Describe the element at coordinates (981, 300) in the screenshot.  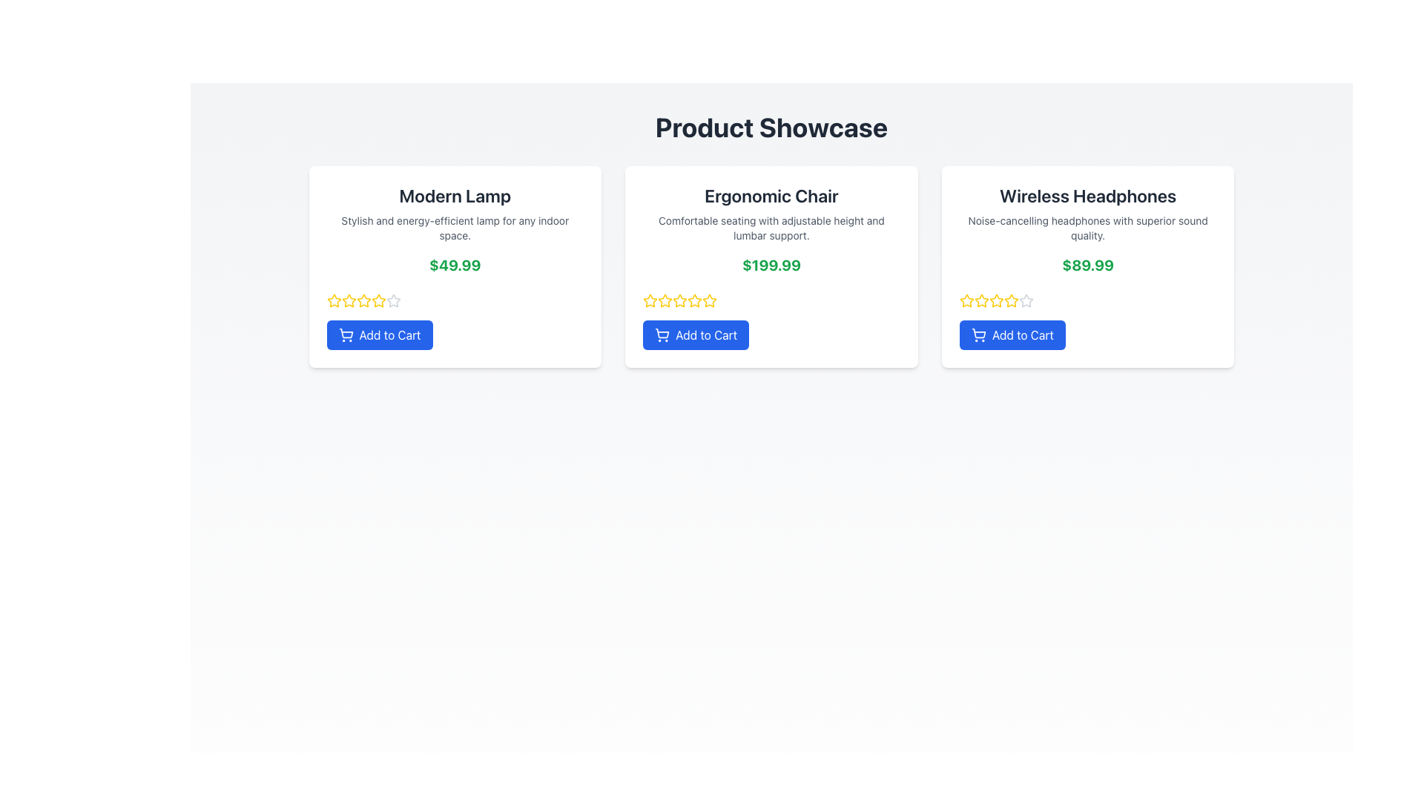
I see `the second star from the left` at that location.